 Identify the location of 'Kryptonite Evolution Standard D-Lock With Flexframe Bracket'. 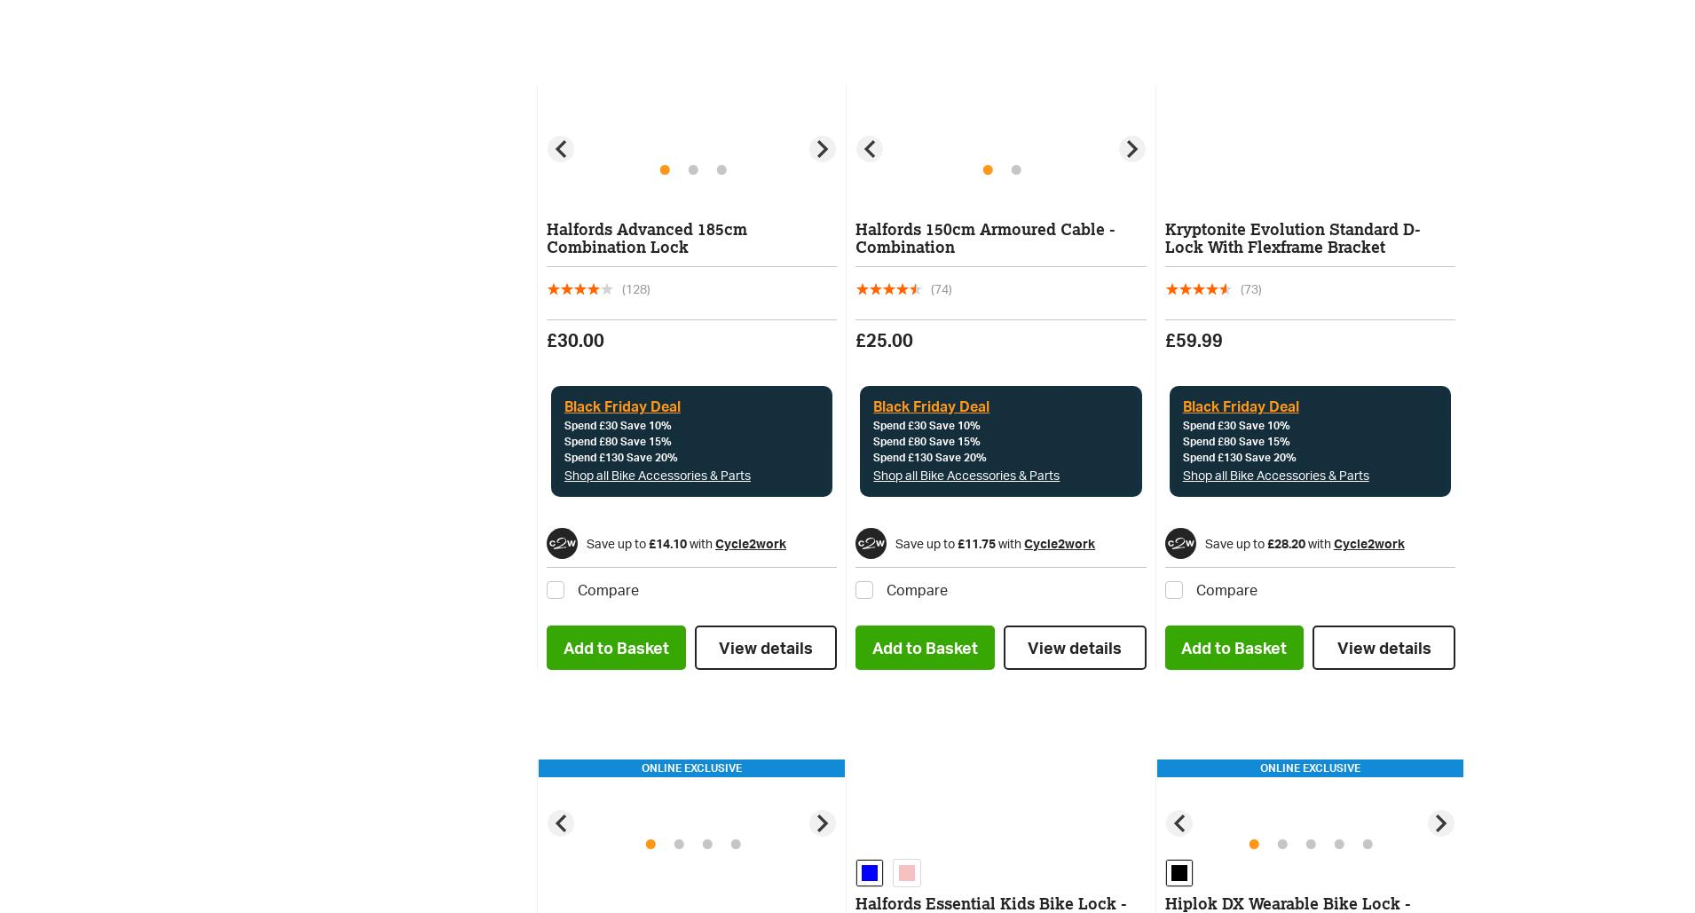
(1163, 239).